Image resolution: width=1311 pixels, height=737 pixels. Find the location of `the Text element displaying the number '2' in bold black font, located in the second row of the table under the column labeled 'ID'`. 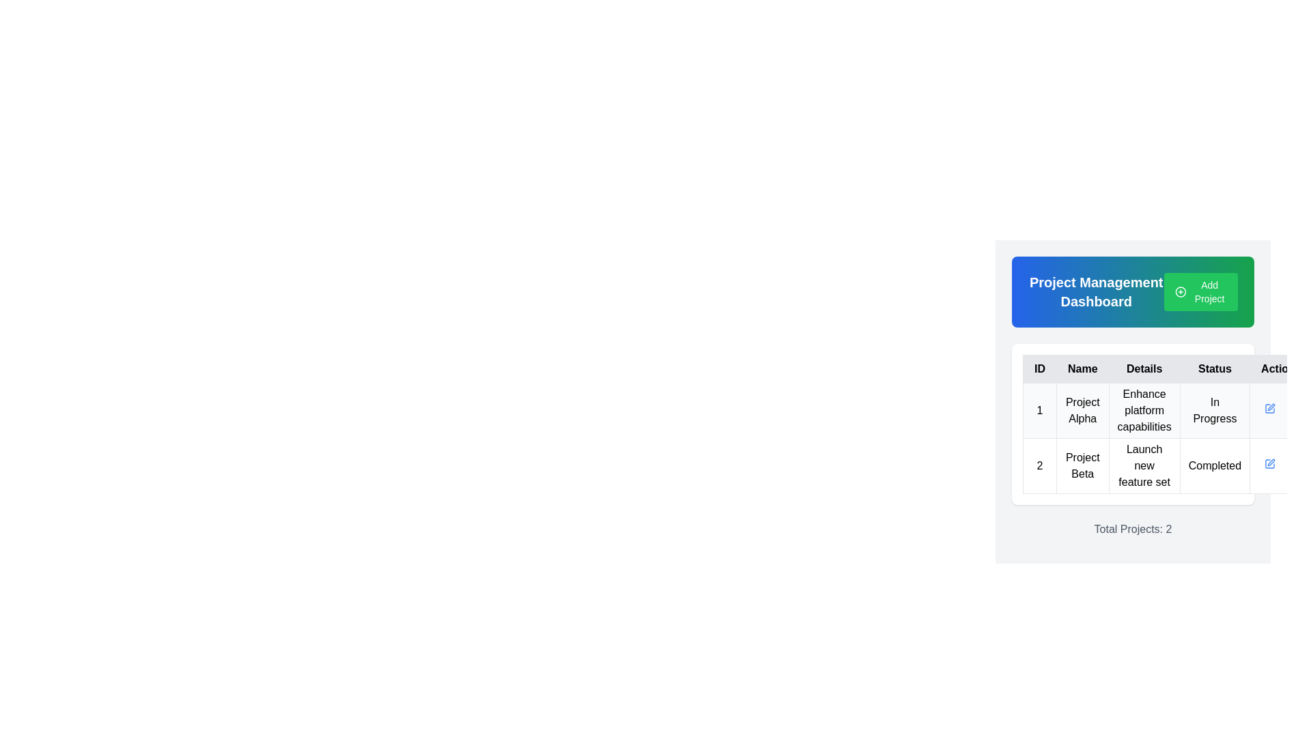

the Text element displaying the number '2' in bold black font, located in the second row of the table under the column labeled 'ID' is located at coordinates (1039, 465).